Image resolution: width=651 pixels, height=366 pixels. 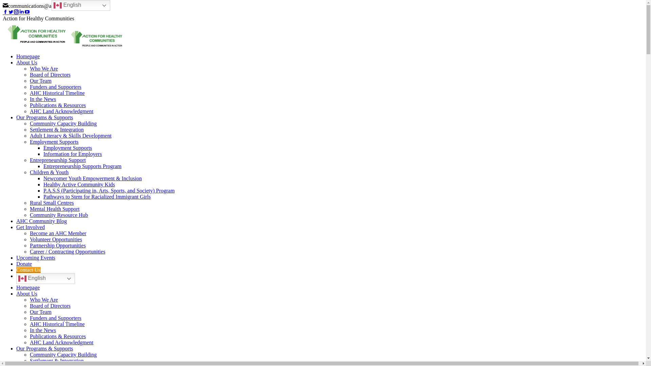 I want to click on 'Our Programs & Supports', so click(x=44, y=348).